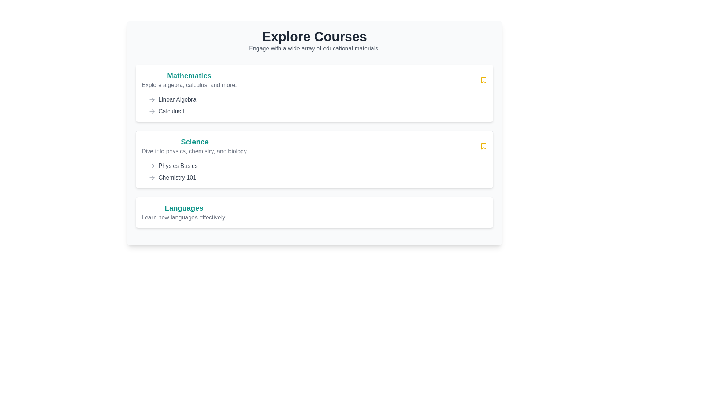 The width and height of the screenshot is (703, 395). What do you see at coordinates (184, 208) in the screenshot?
I see `the 'Languages' hyperlink, which is styled in bold teal-green font and underlines when hovered, to activate its underline styling` at bounding box center [184, 208].